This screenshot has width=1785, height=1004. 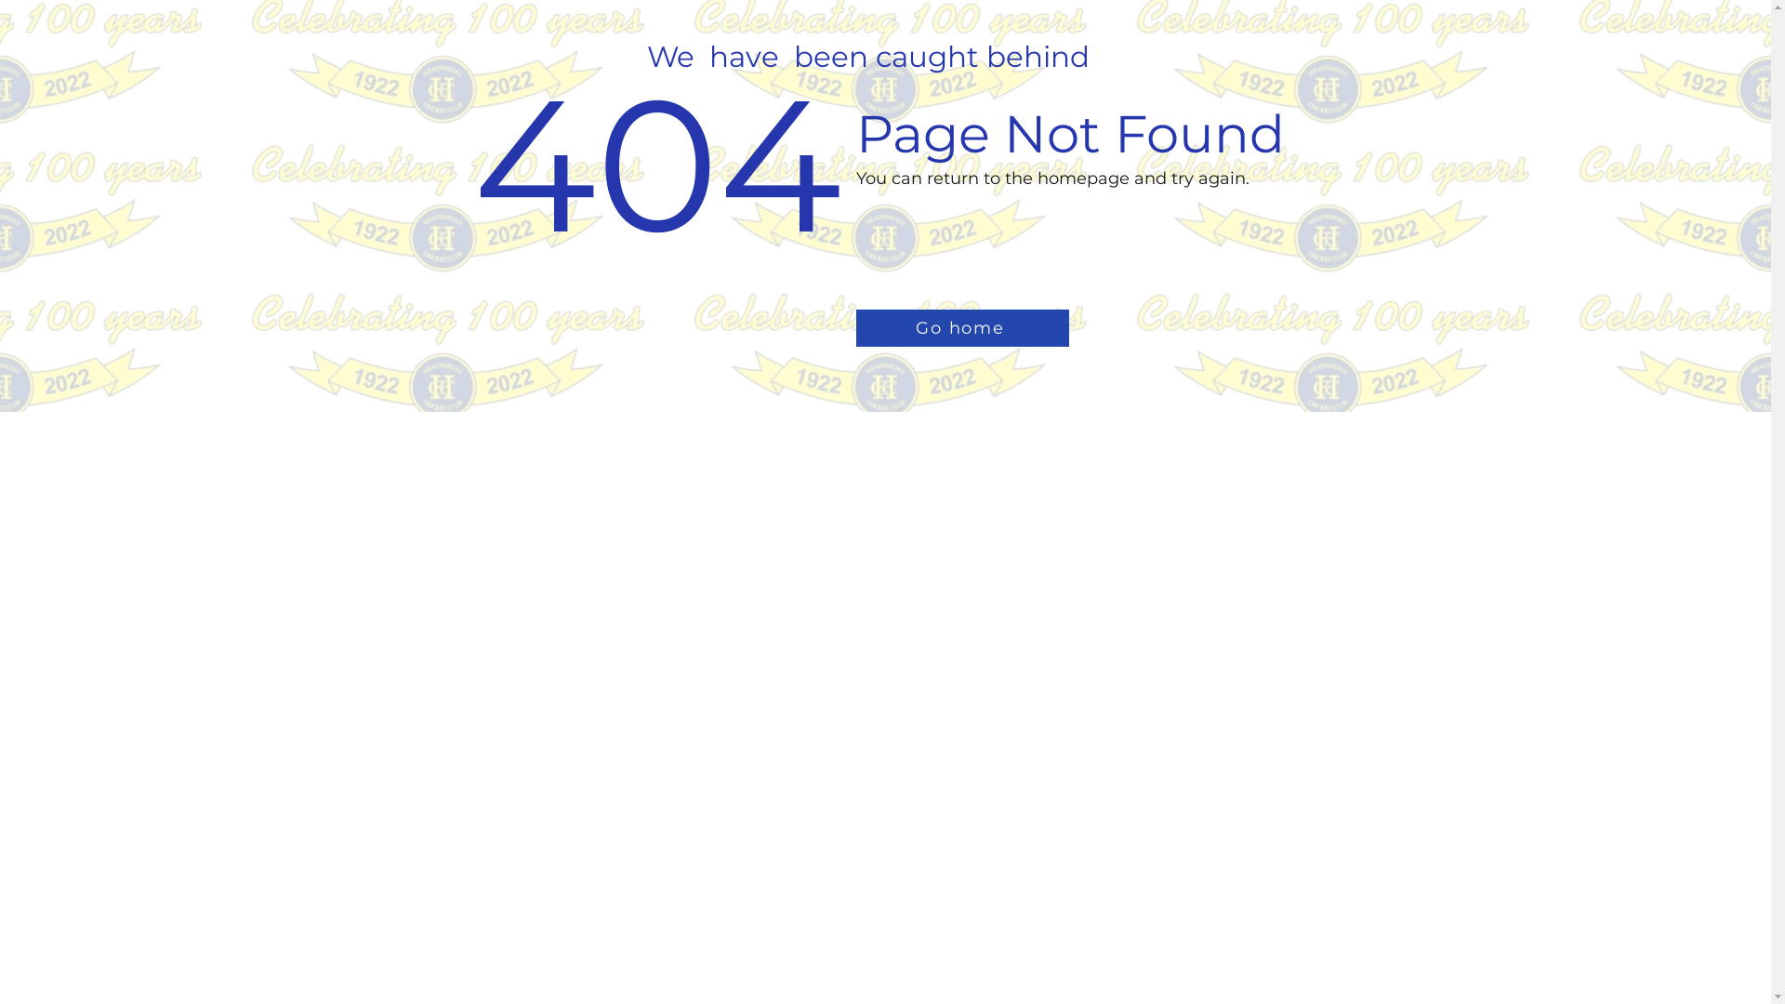 I want to click on 'Go home', so click(x=961, y=327).